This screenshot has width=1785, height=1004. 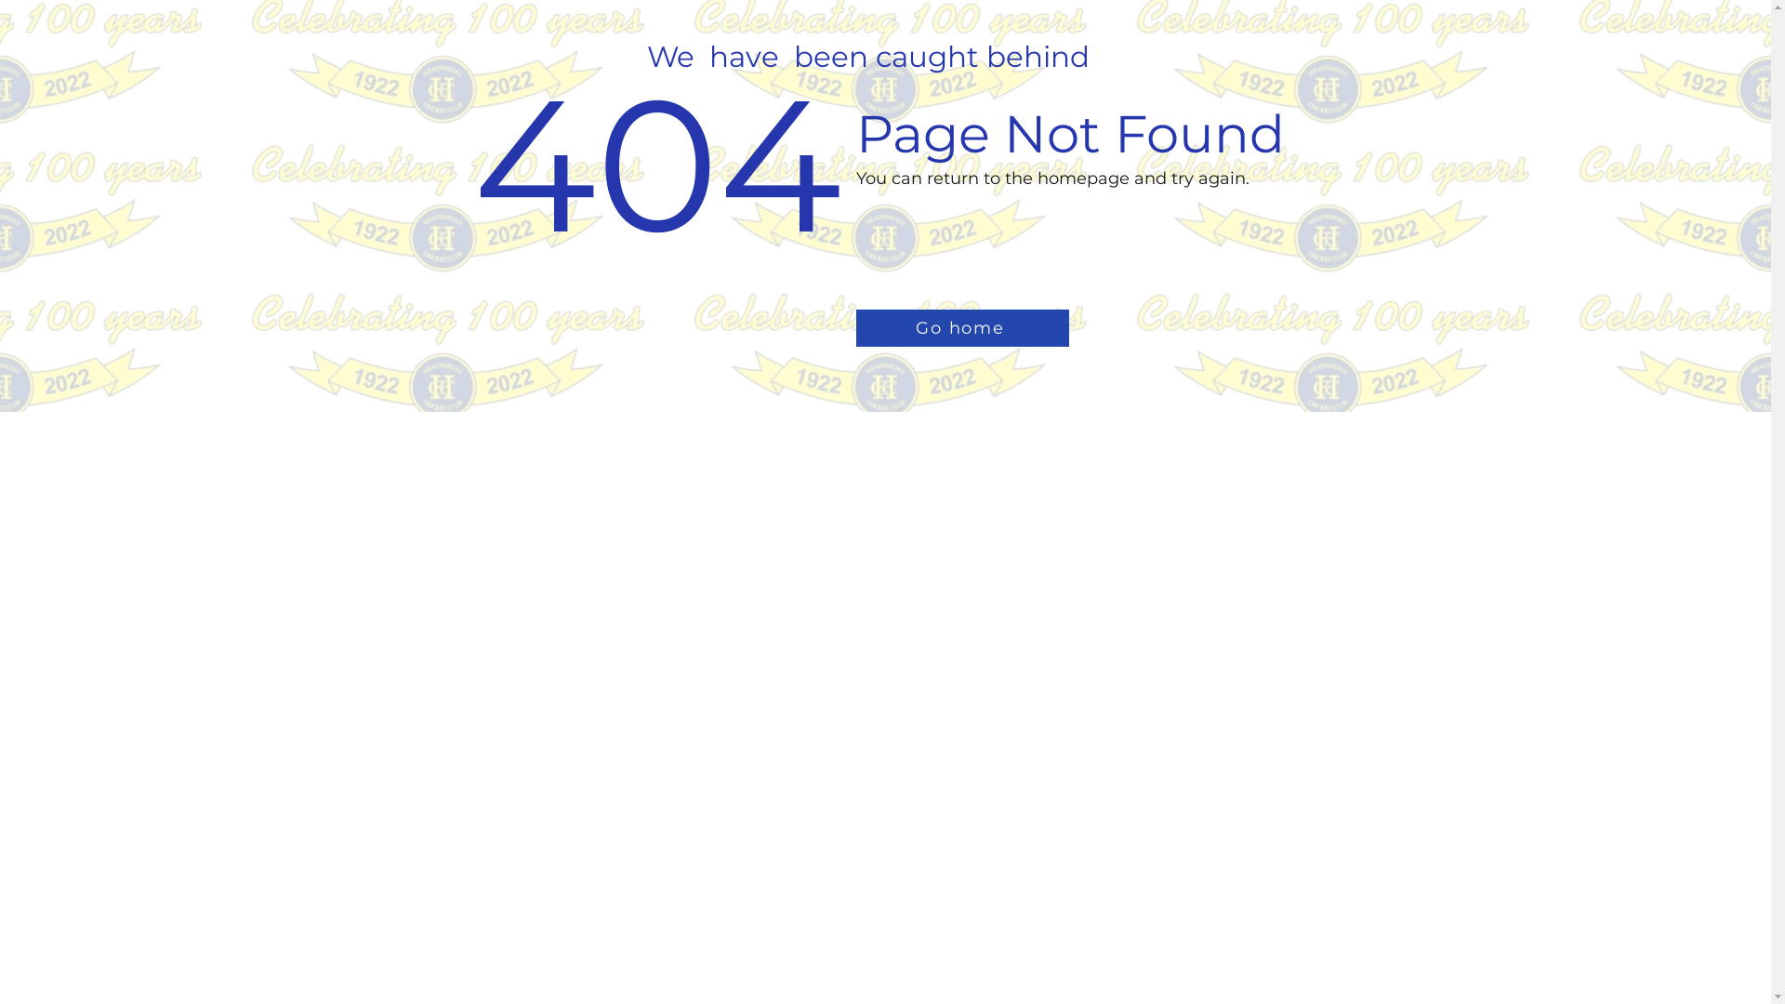 I want to click on 'Go home', so click(x=961, y=327).